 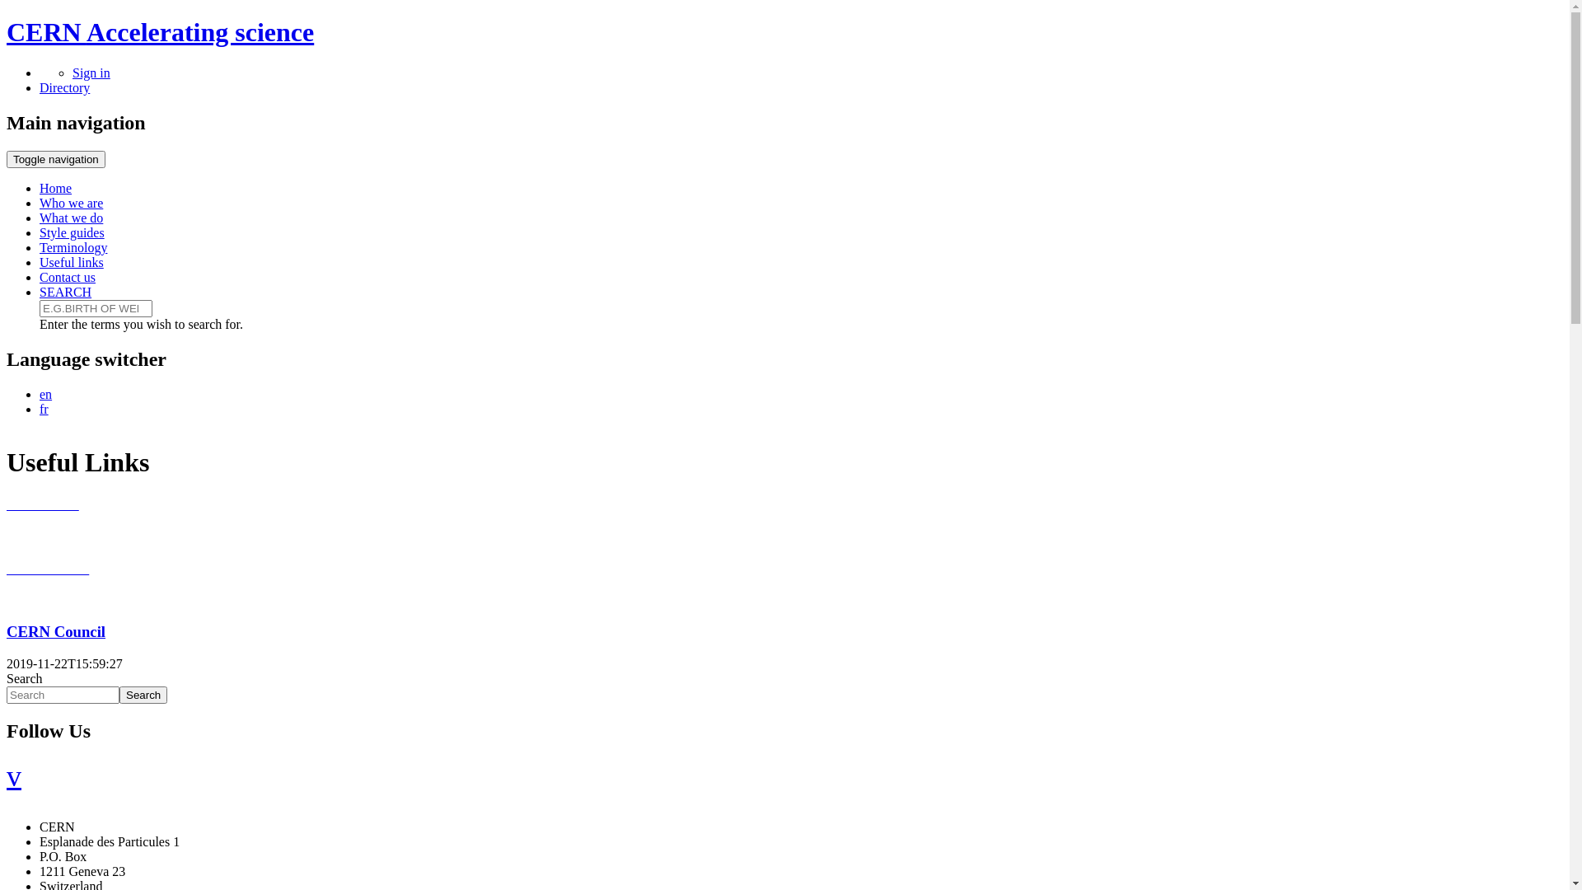 What do you see at coordinates (160, 31) in the screenshot?
I see `'CERN Accelerating science'` at bounding box center [160, 31].